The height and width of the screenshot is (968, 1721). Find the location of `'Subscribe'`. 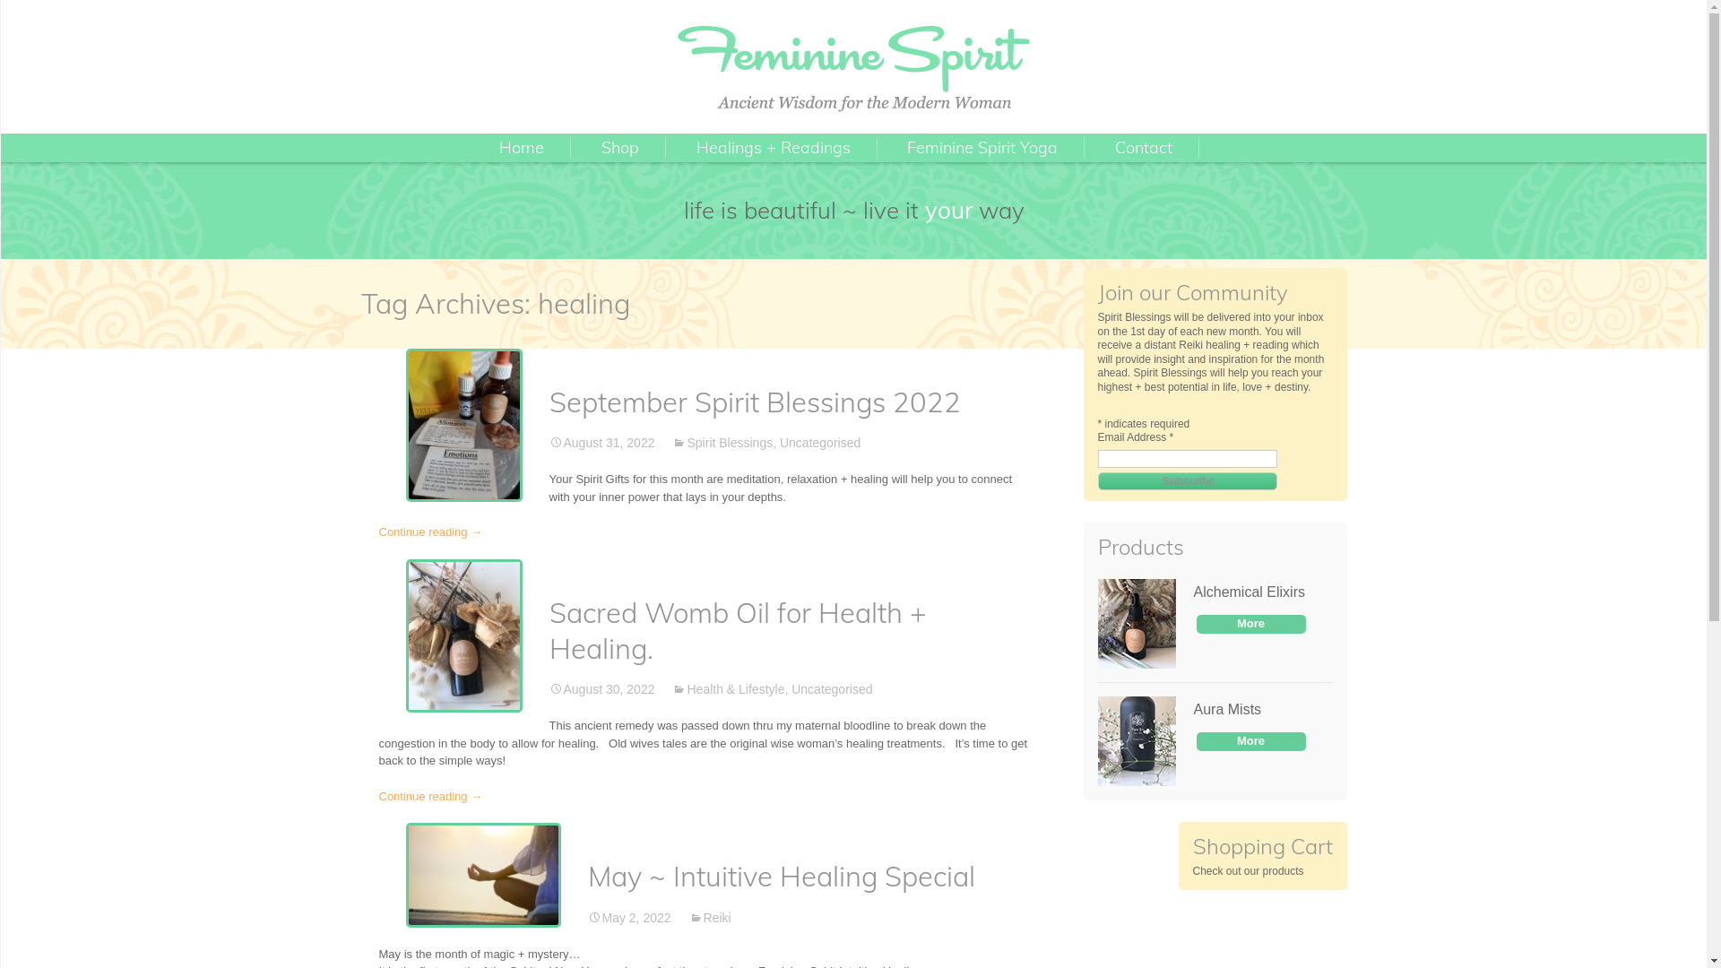

'Subscribe' is located at coordinates (1187, 480).